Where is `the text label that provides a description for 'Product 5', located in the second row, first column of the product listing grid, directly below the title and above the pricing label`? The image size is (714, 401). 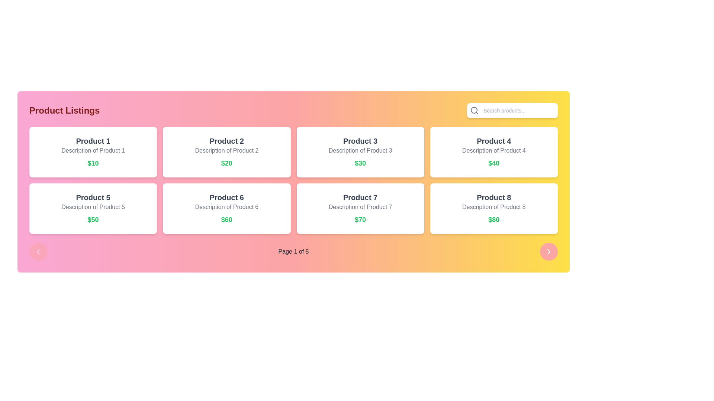 the text label that provides a description for 'Product 5', located in the second row, first column of the product listing grid, directly below the title and above the pricing label is located at coordinates (93, 207).